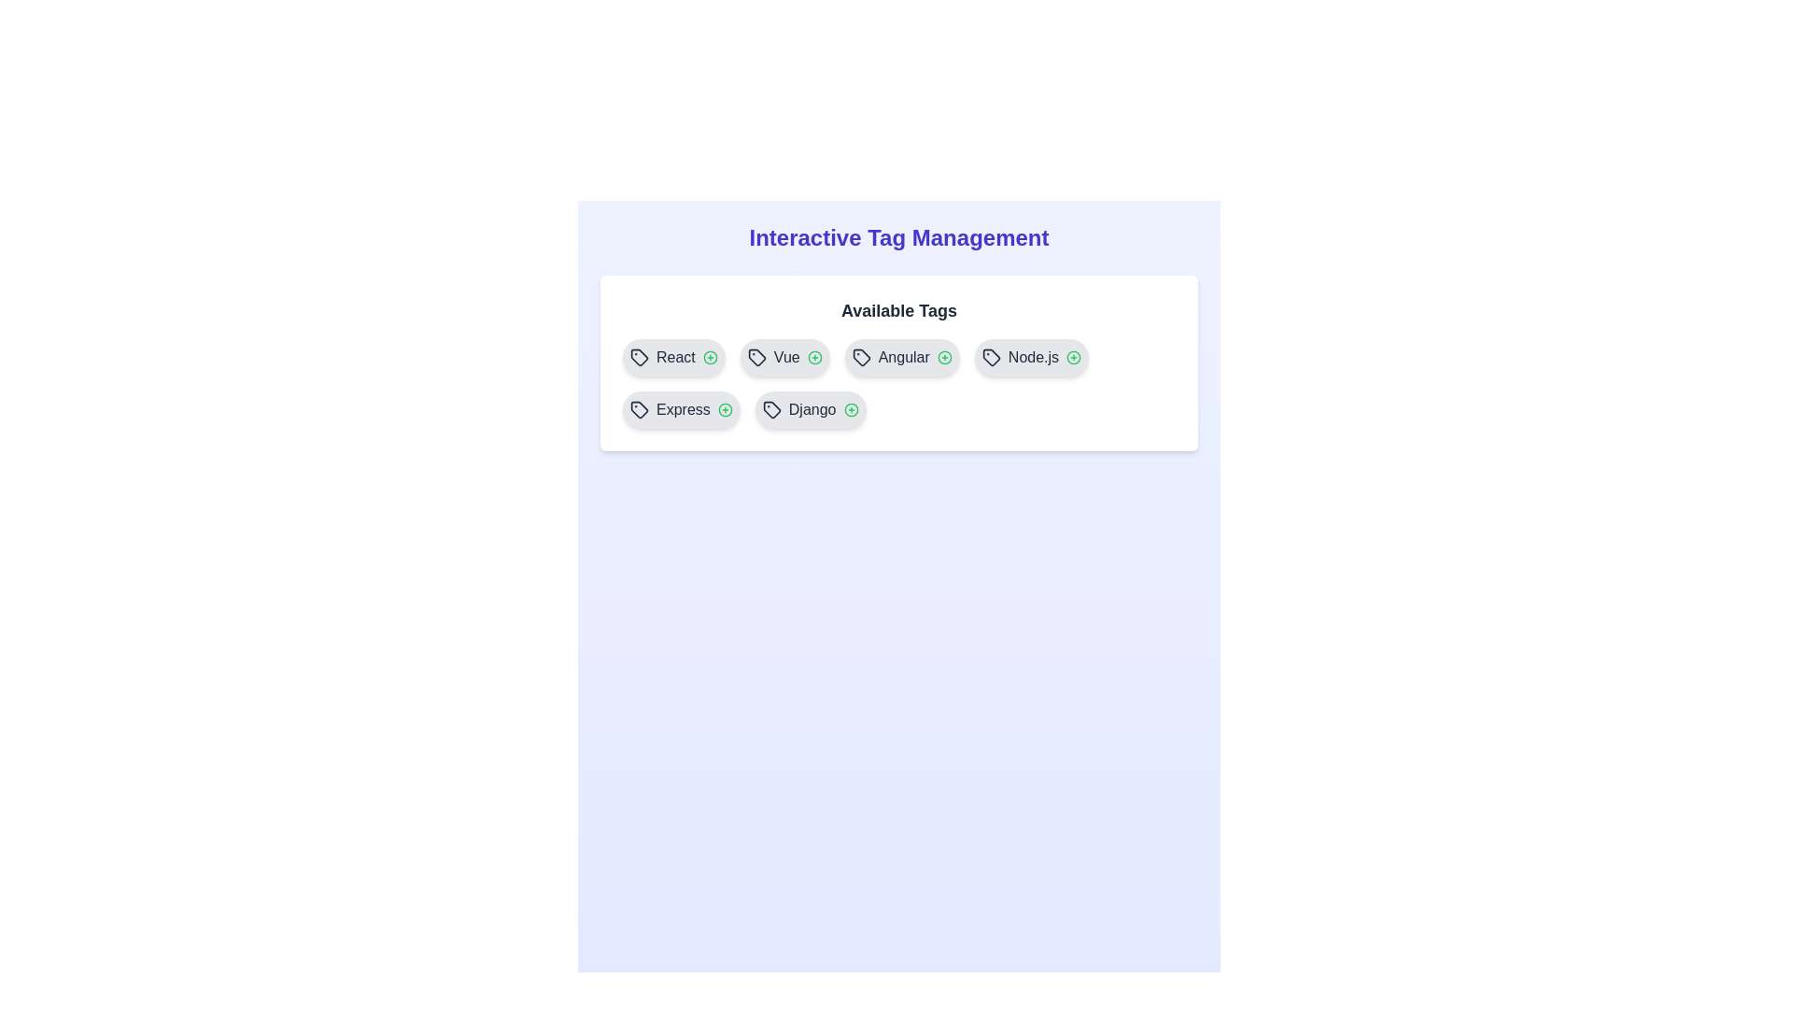  What do you see at coordinates (902, 357) in the screenshot?
I see `the pill-shaped 'Angular' button with a light gray background` at bounding box center [902, 357].